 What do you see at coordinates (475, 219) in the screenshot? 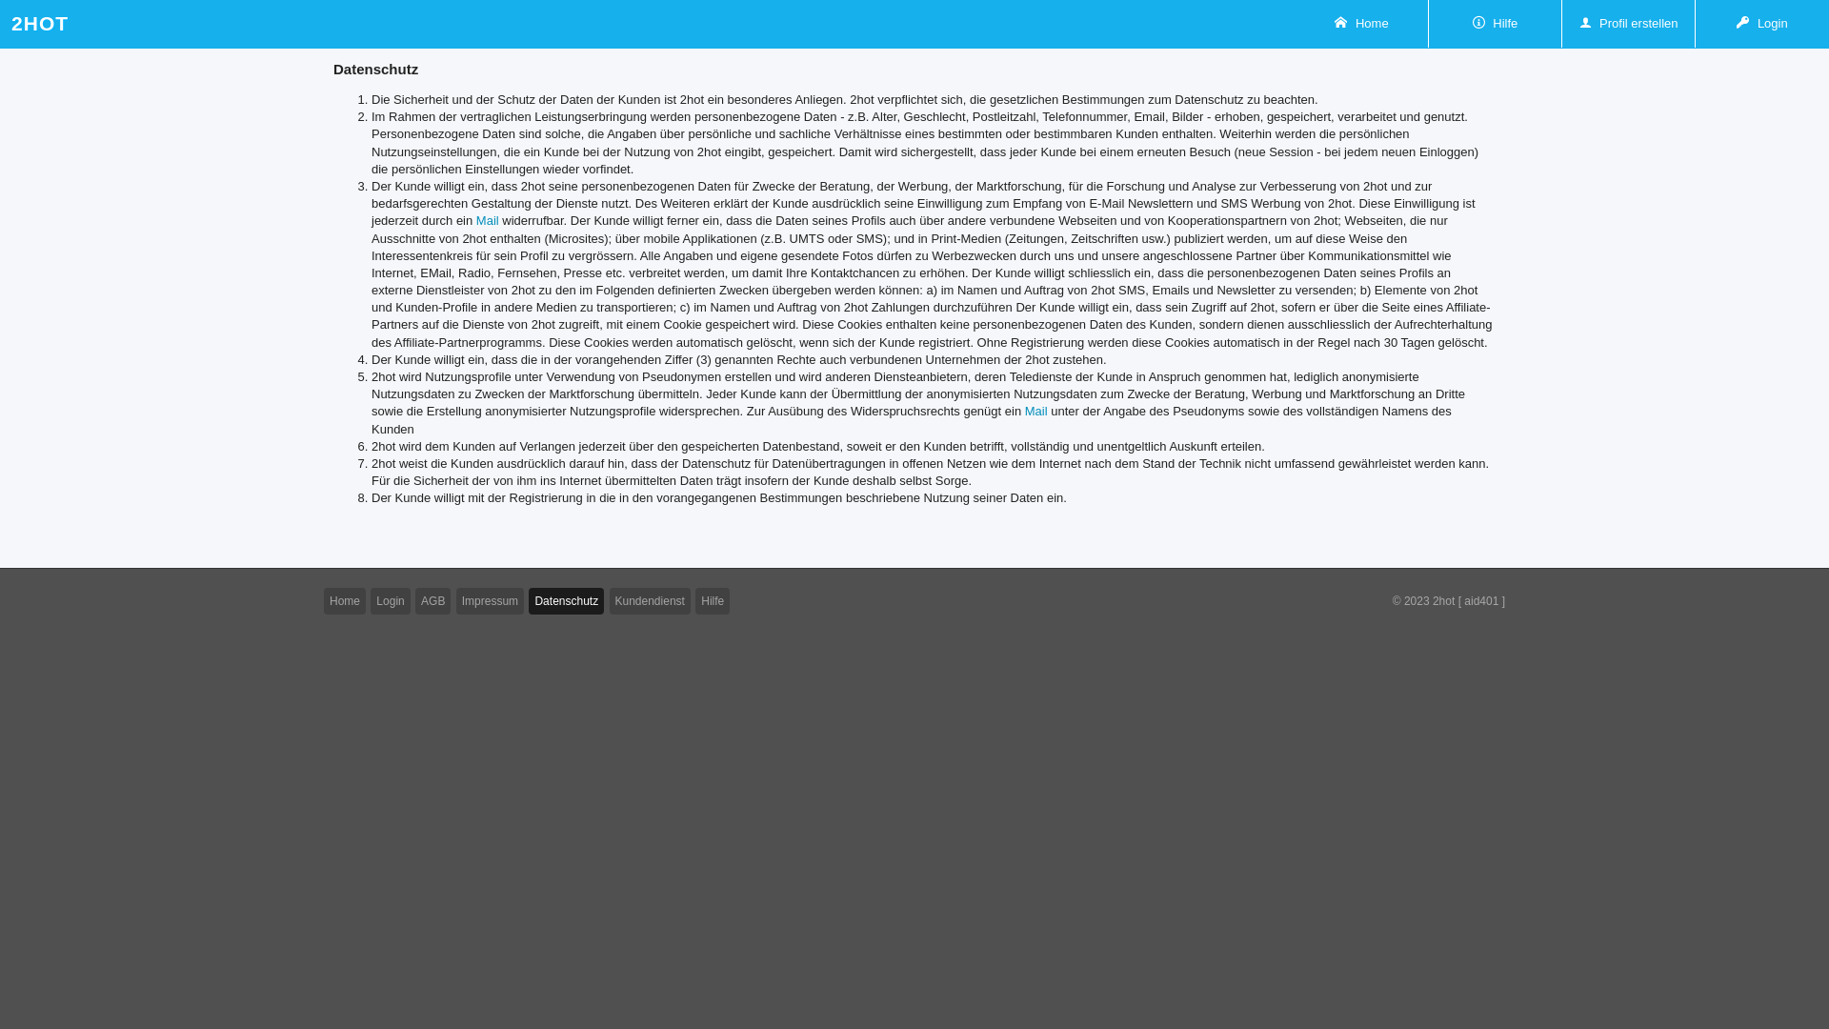
I see `'Mail'` at bounding box center [475, 219].